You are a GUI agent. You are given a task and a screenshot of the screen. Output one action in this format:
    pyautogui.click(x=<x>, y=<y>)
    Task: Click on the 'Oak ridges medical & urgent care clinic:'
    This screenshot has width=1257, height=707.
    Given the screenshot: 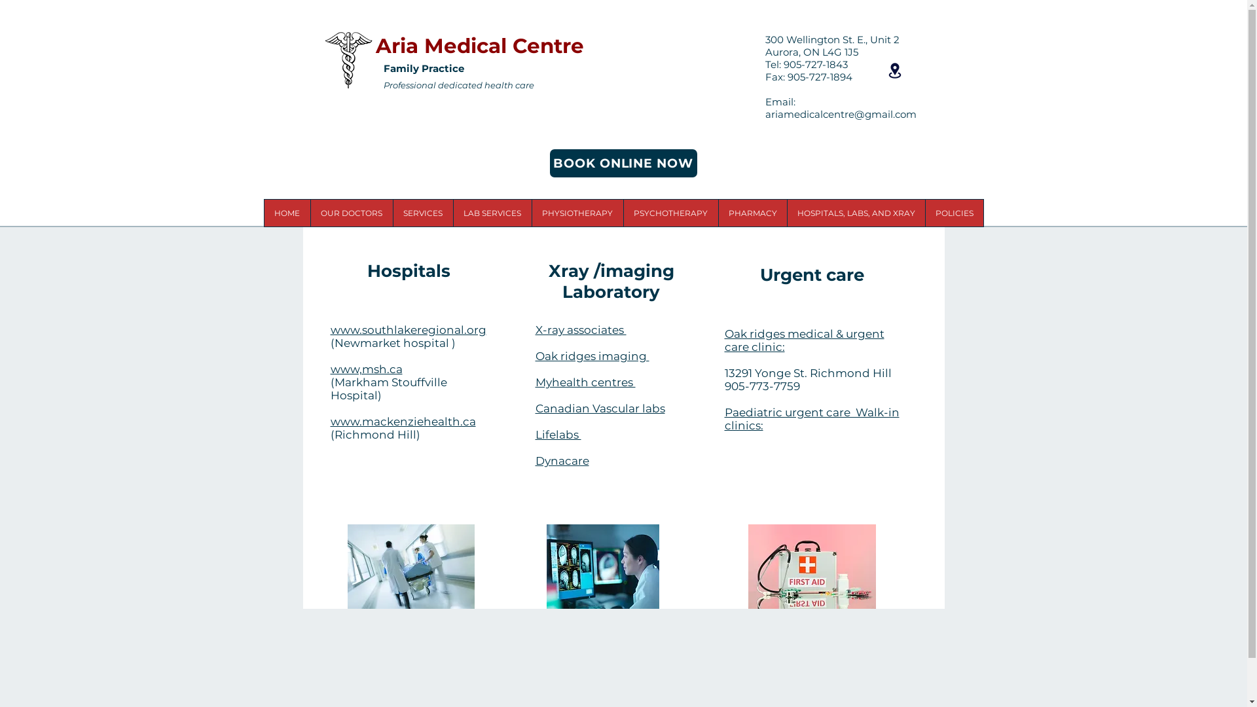 What is the action you would take?
    pyautogui.click(x=803, y=340)
    